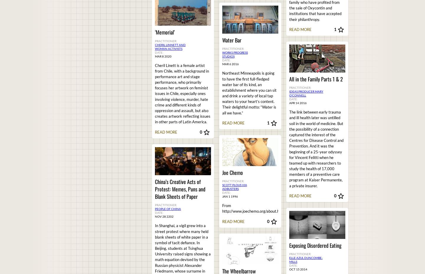 This screenshot has width=425, height=274. What do you see at coordinates (231, 40) in the screenshot?
I see `'Water Bar'` at bounding box center [231, 40].